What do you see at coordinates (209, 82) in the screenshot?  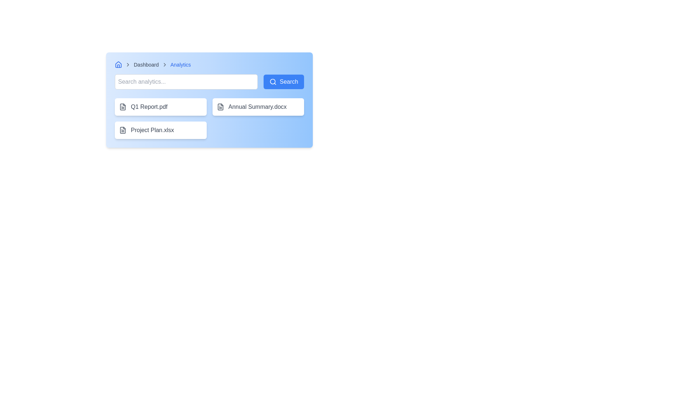 I see `the 'Search' button in the composite search component located on a blue gradient background, positioned between breadcrumbs and file representations` at bounding box center [209, 82].